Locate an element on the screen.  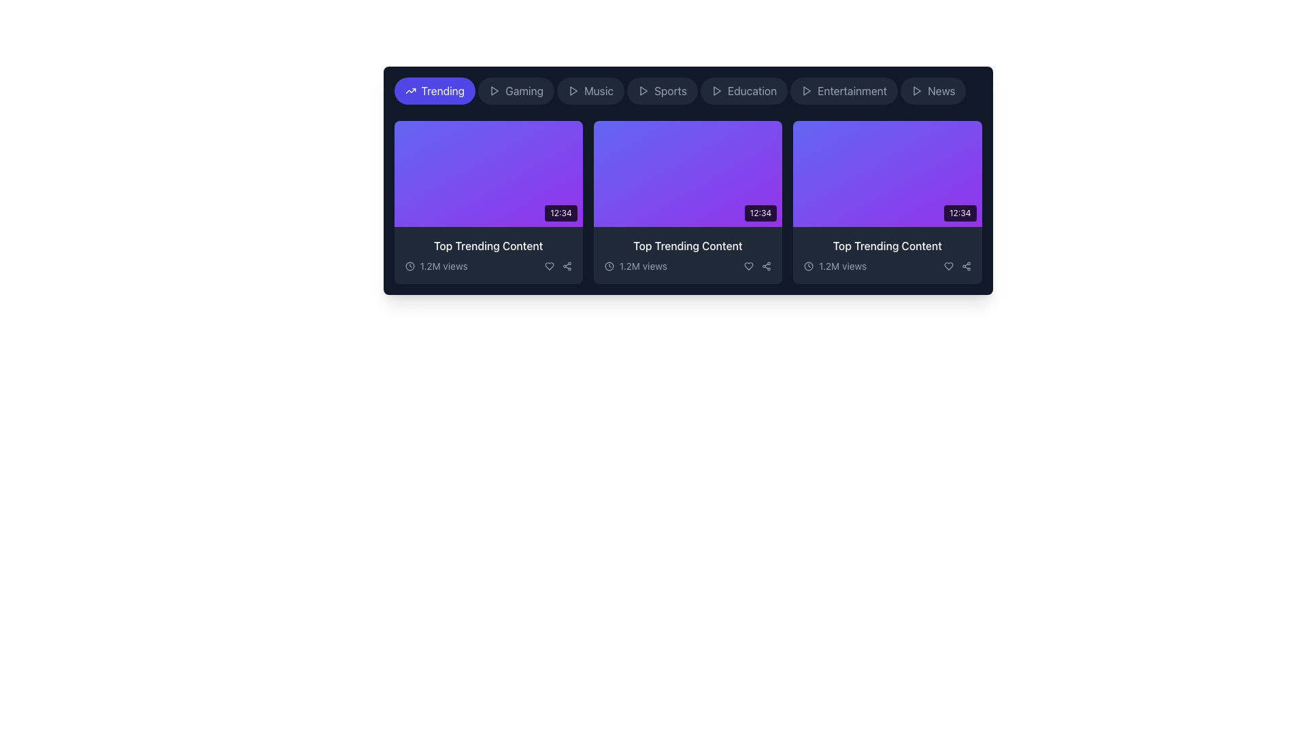
the icon indicating a playable media category located in the category bar at the top of the interface is located at coordinates (807, 91).